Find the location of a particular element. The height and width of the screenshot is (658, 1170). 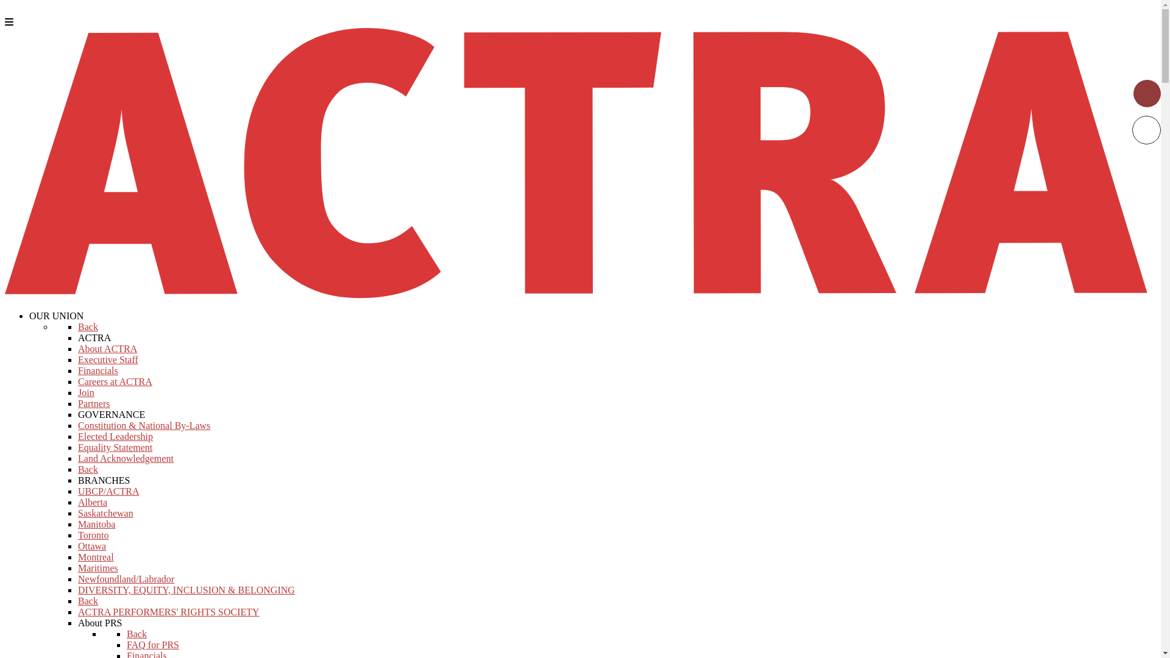

'Back' is located at coordinates (87, 469).